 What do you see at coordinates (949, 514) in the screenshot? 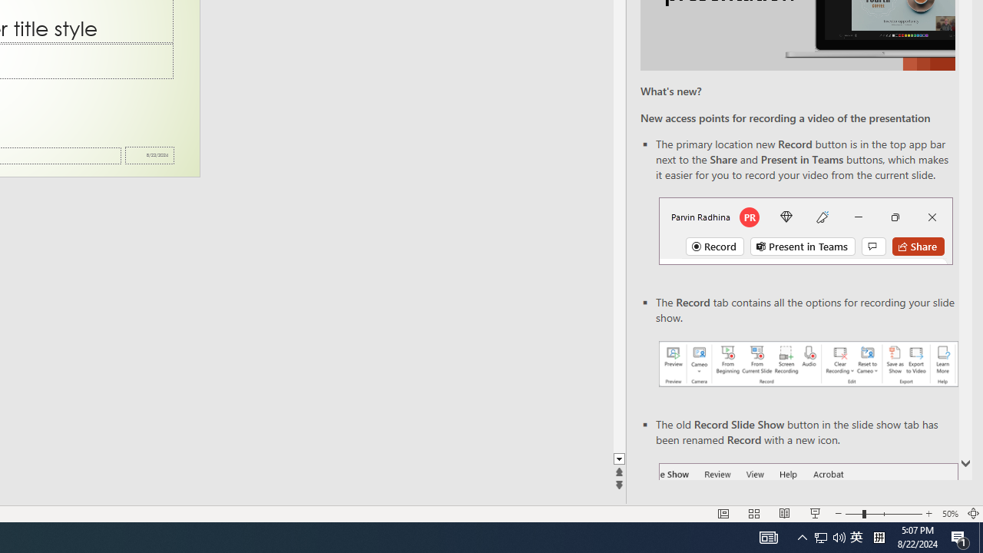
I see `'Zoom 50%'` at bounding box center [949, 514].